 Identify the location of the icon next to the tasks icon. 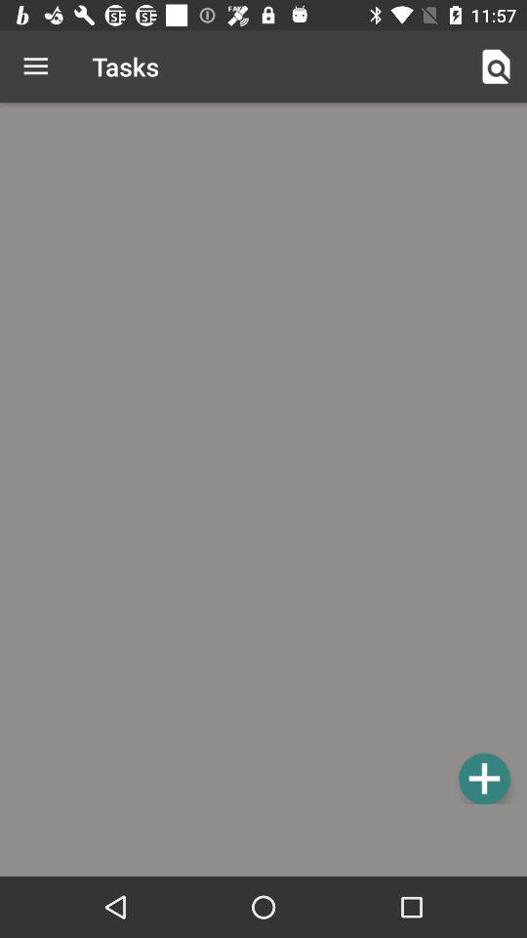
(35, 66).